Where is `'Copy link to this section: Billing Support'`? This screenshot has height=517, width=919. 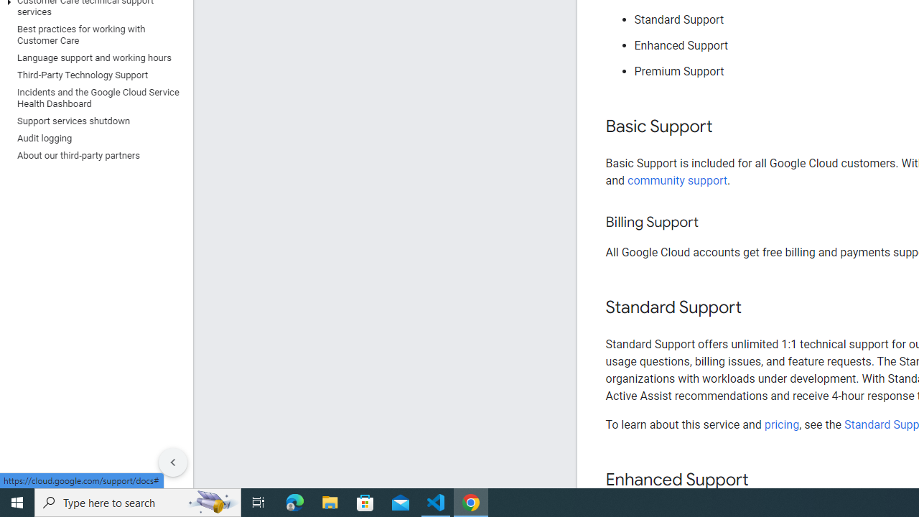
'Copy link to this section: Billing Support' is located at coordinates (712, 223).